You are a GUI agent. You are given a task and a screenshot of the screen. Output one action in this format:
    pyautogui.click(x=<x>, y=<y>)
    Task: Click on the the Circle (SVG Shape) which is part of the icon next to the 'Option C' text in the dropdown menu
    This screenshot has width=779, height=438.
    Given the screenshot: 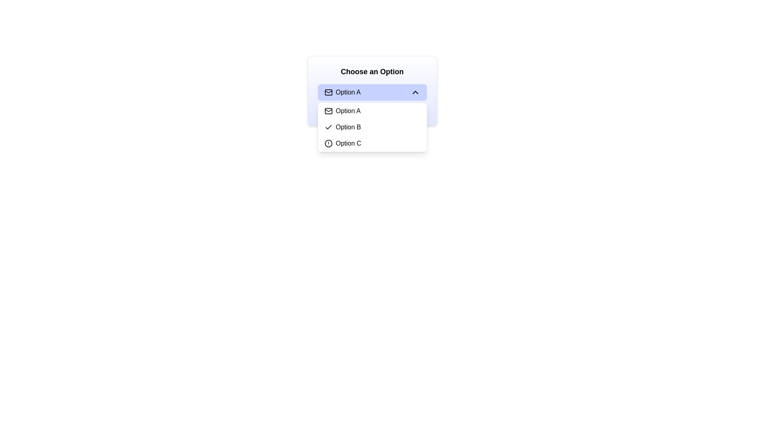 What is the action you would take?
    pyautogui.click(x=328, y=143)
    